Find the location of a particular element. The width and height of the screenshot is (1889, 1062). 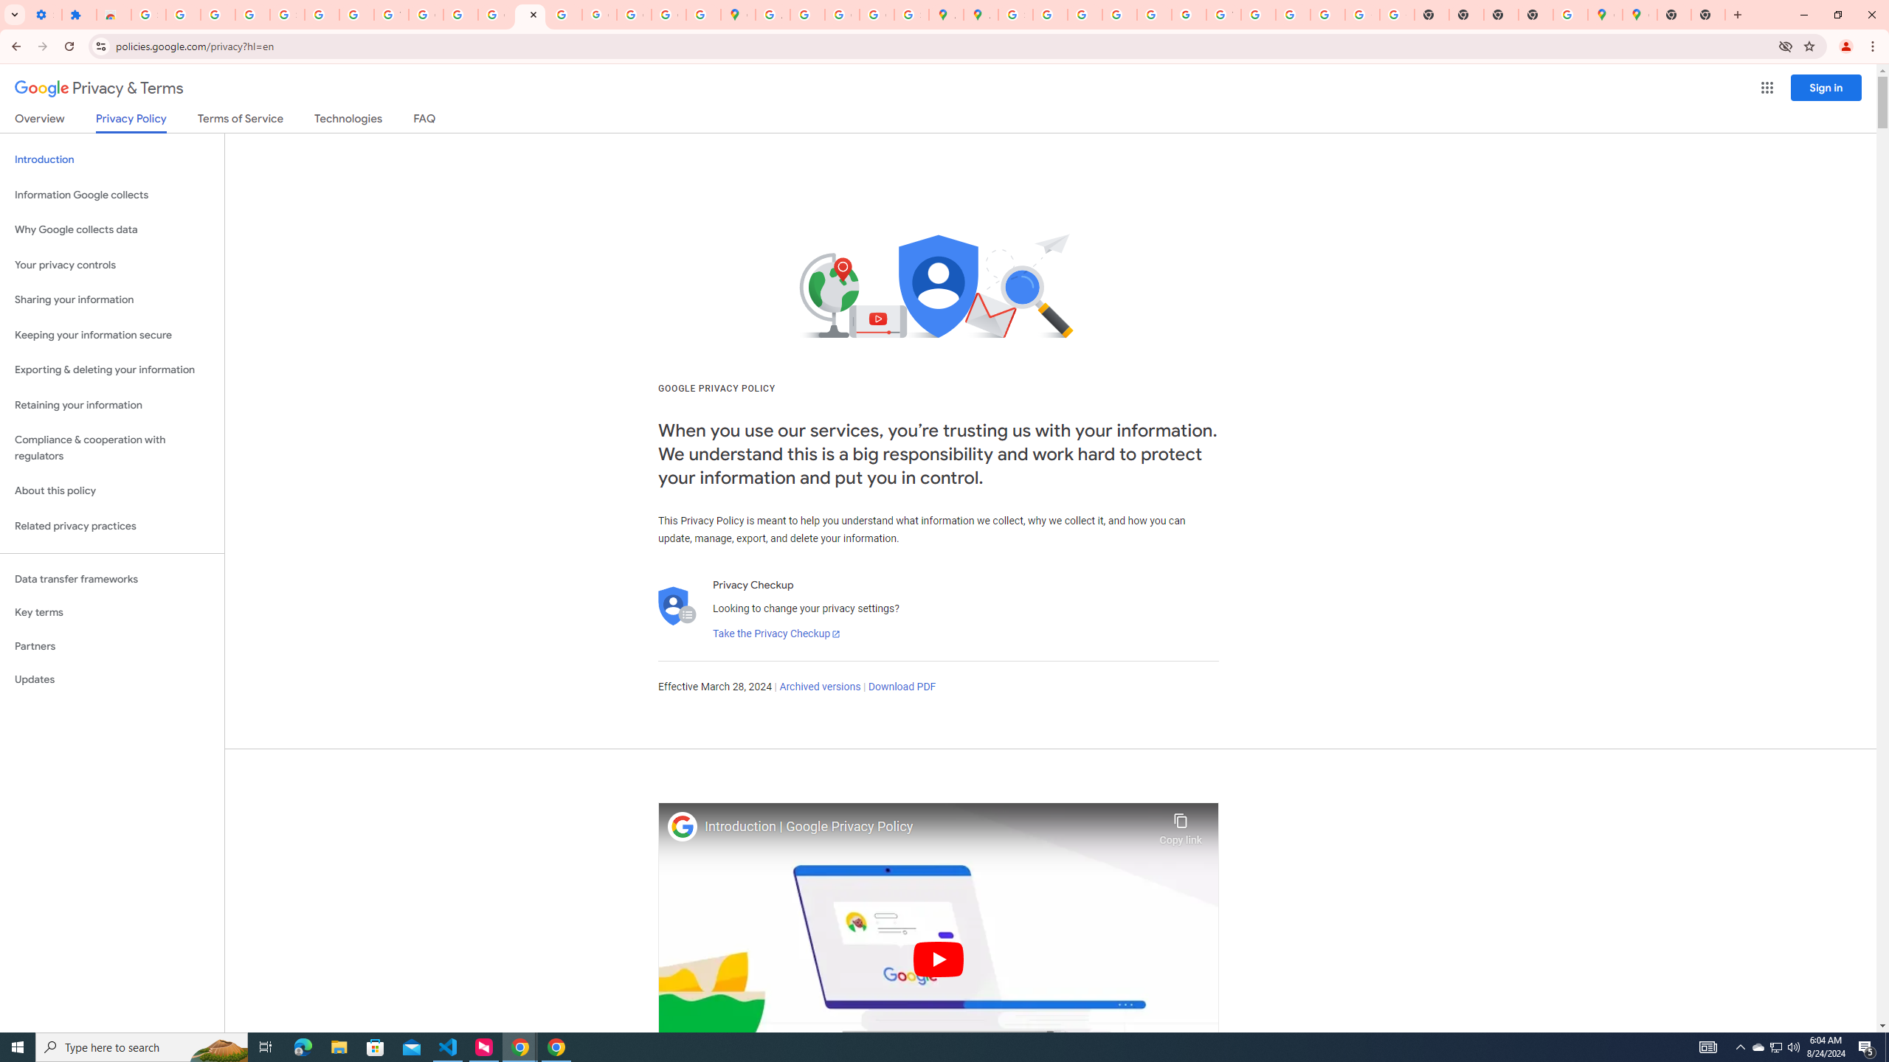

'Chrome' is located at coordinates (1874, 46).